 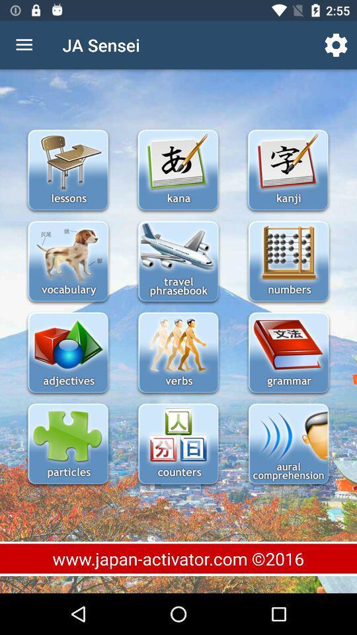 What do you see at coordinates (288, 445) in the screenshot?
I see `comprehension` at bounding box center [288, 445].